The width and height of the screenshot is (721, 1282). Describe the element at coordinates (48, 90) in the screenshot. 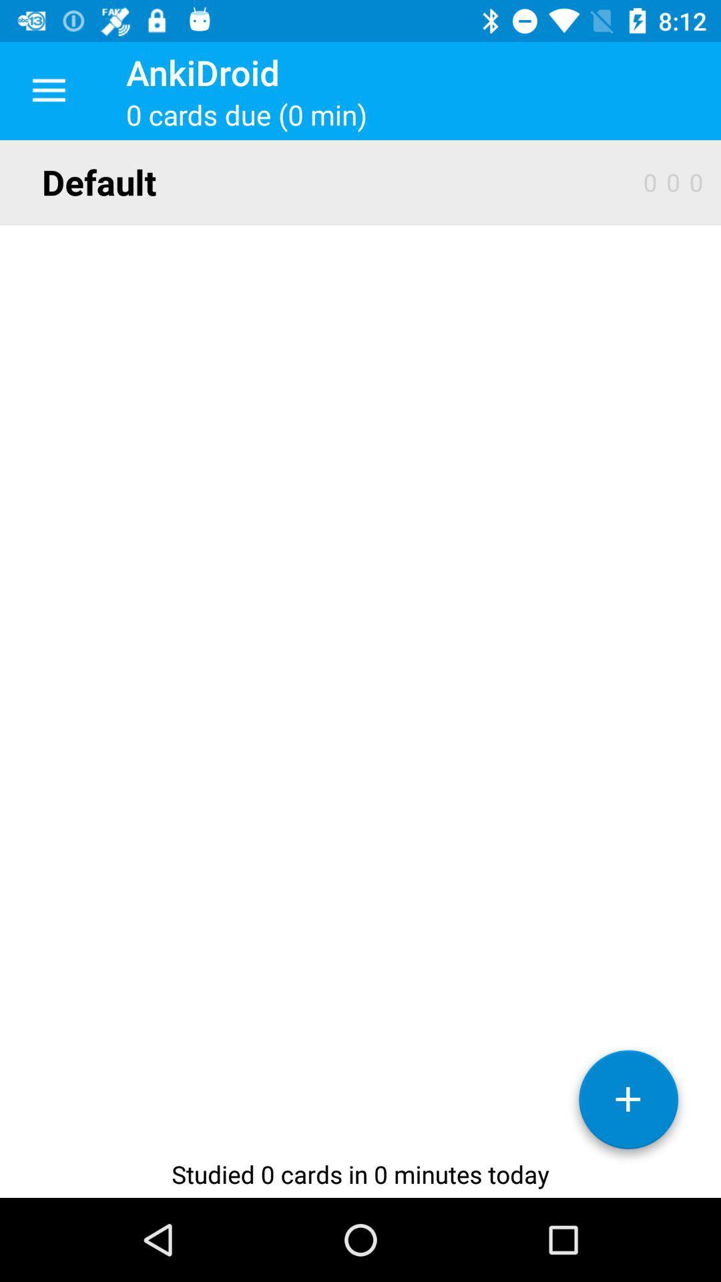

I see `the icon to the left of ankidroid` at that location.